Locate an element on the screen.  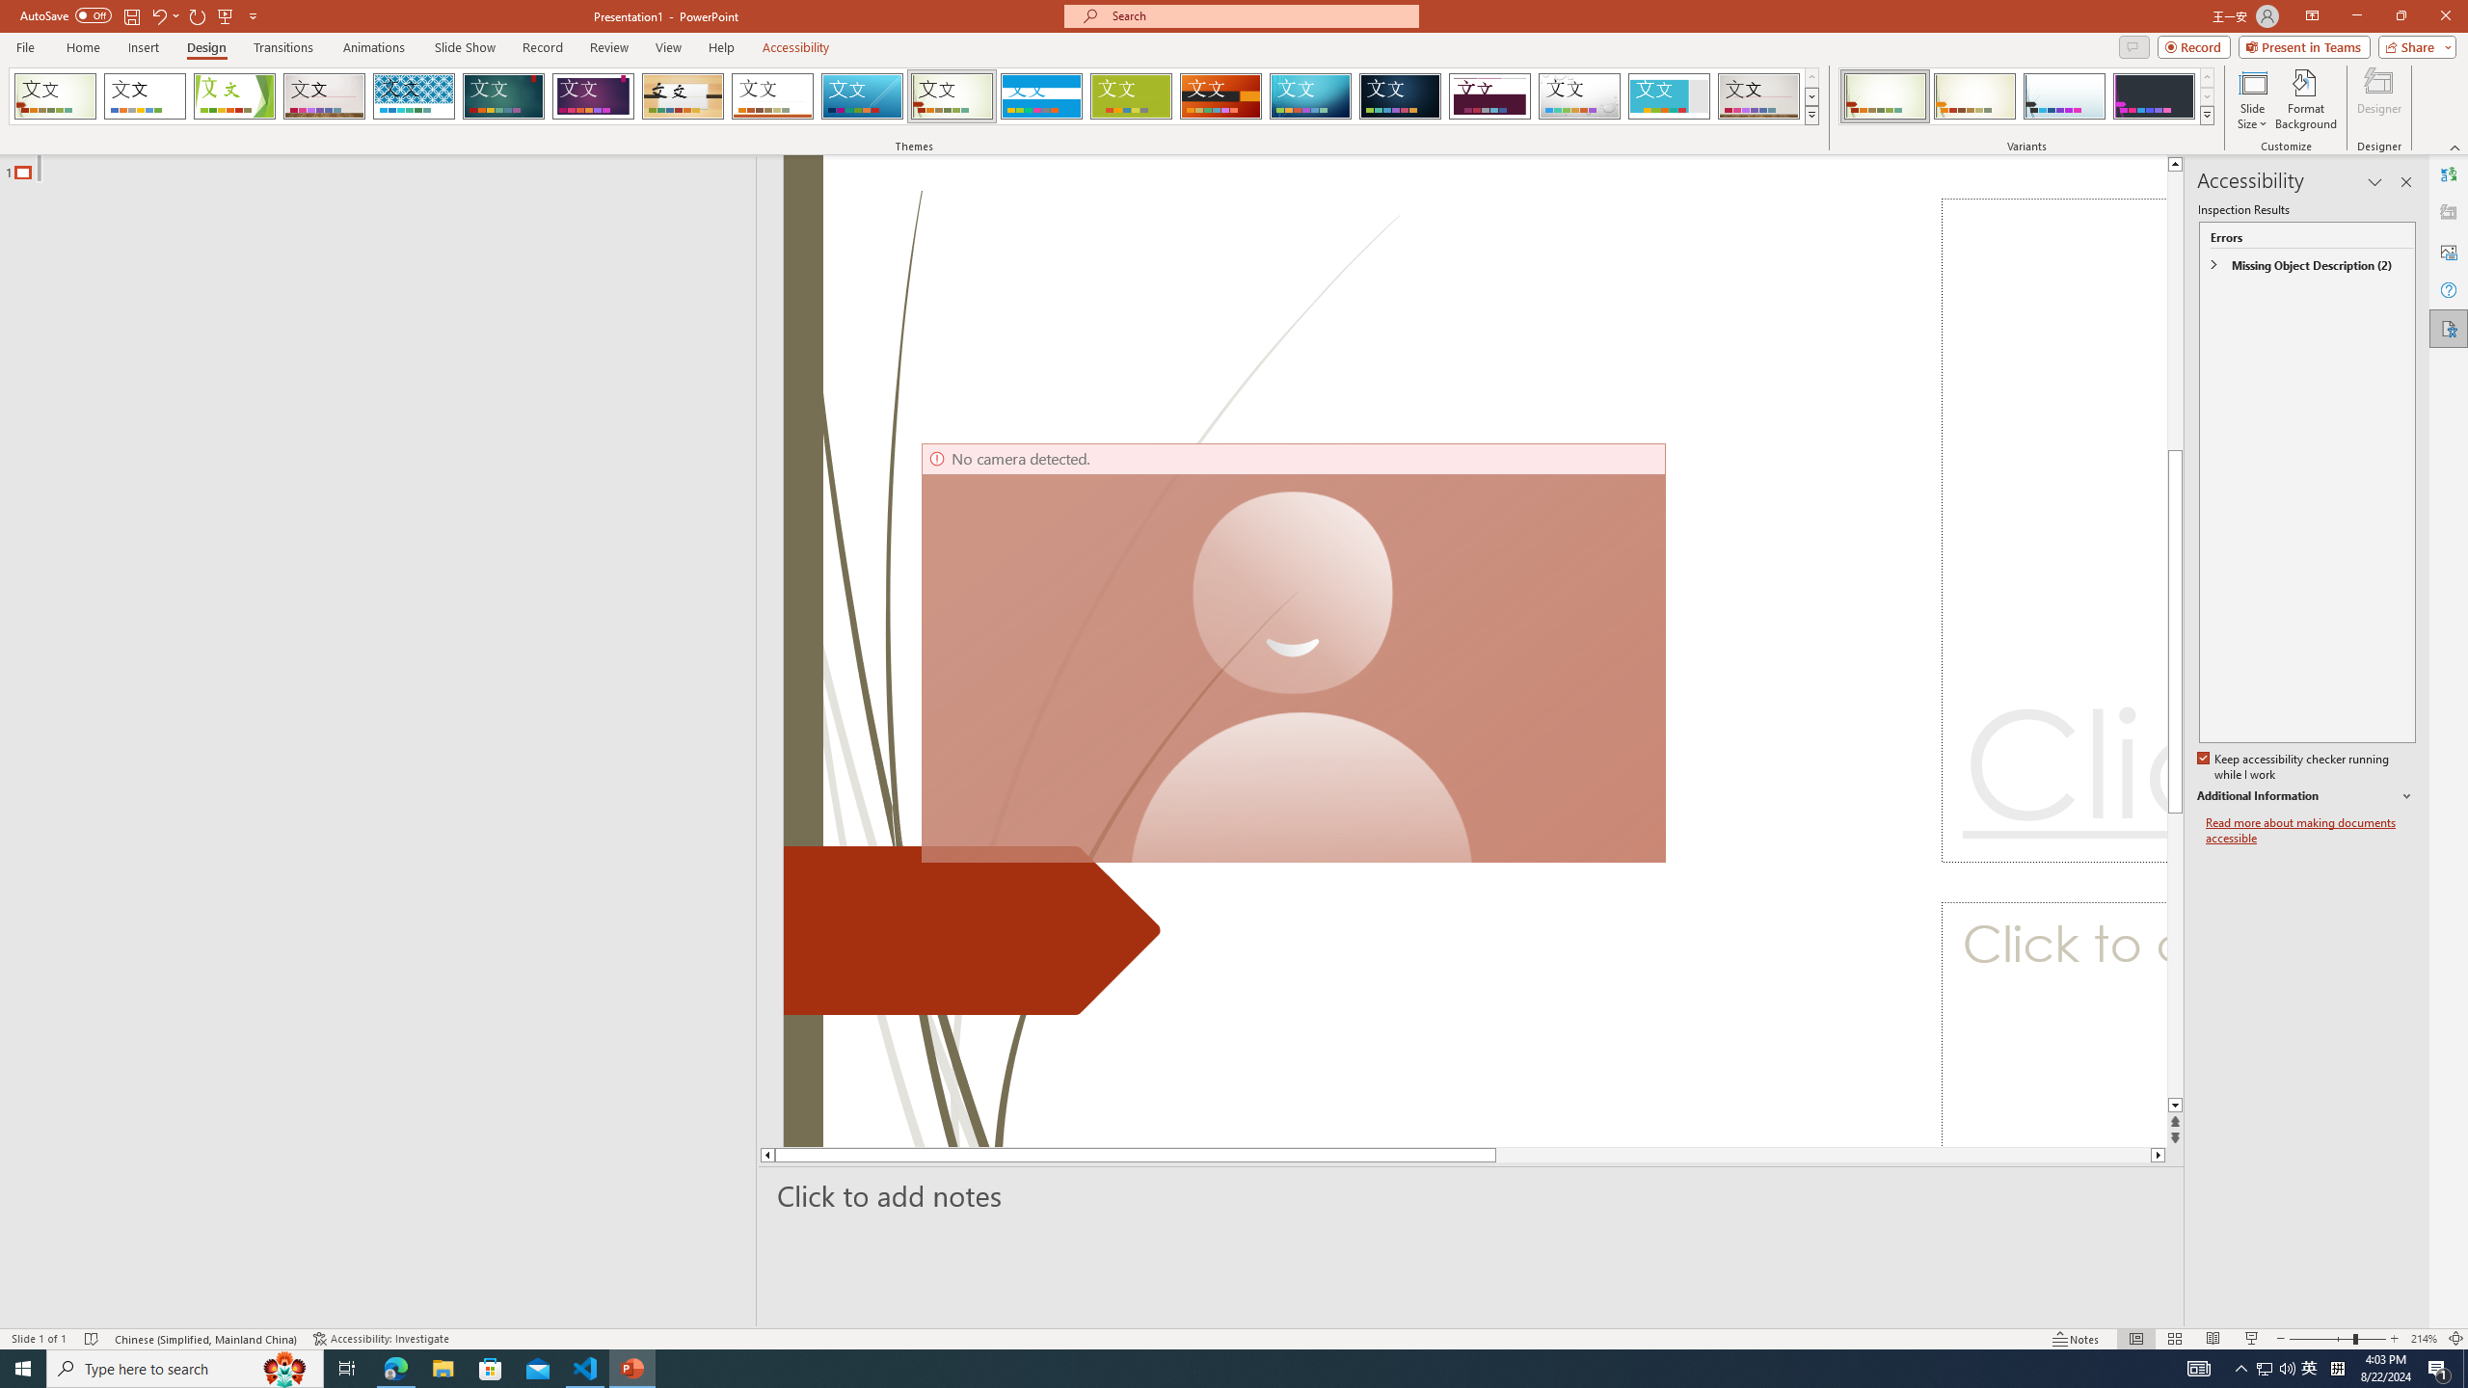
'Slide Notes' is located at coordinates (1471, 1195).